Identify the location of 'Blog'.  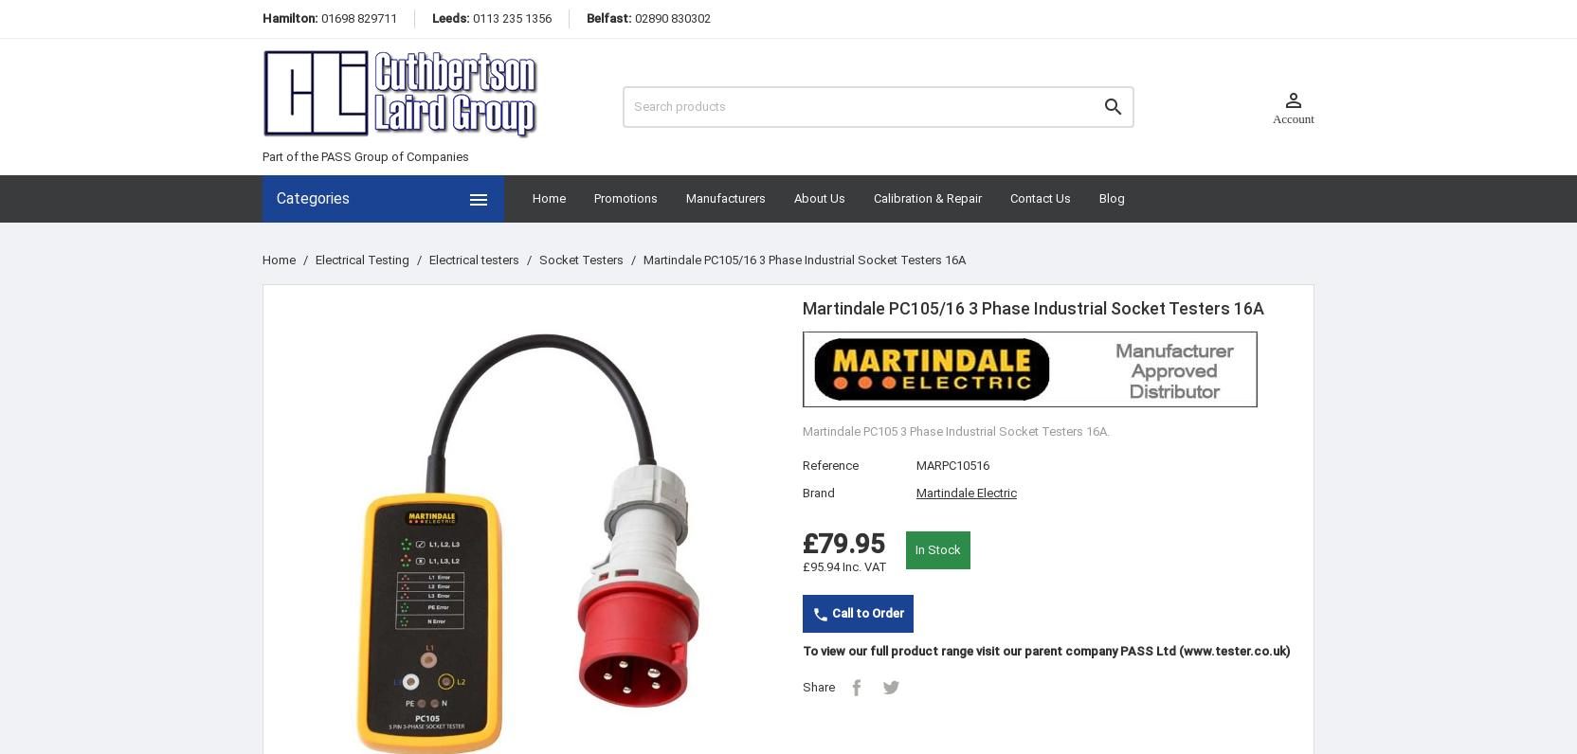
(1111, 197).